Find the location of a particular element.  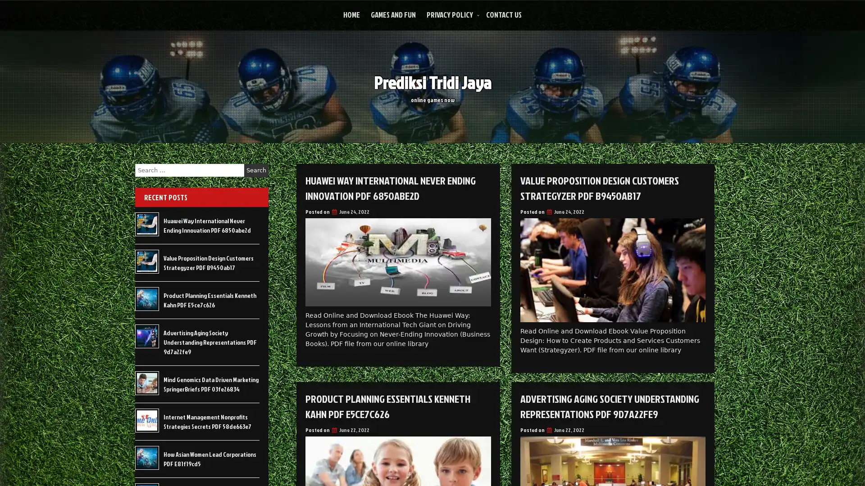

Search is located at coordinates (256, 170).